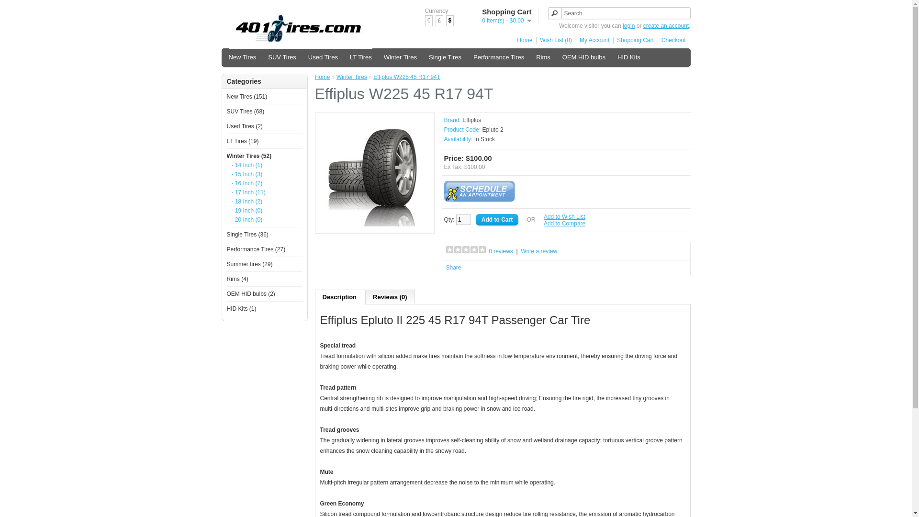 Image resolution: width=919 pixels, height=517 pixels. What do you see at coordinates (251, 293) in the screenshot?
I see `'OEM HID bulbs (2)'` at bounding box center [251, 293].